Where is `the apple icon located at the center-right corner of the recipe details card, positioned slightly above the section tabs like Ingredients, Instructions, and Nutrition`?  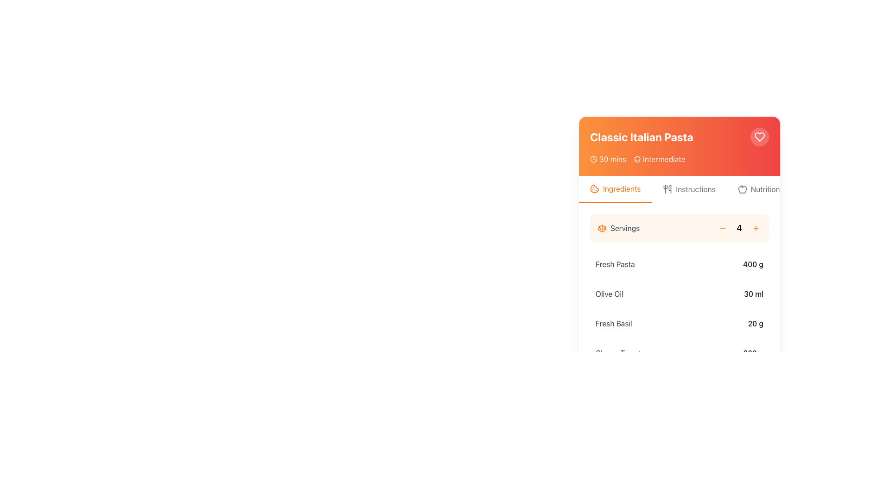 the apple icon located at the center-right corner of the recipe details card, positioned slightly above the section tabs like Ingredients, Instructions, and Nutrition is located at coordinates (742, 189).